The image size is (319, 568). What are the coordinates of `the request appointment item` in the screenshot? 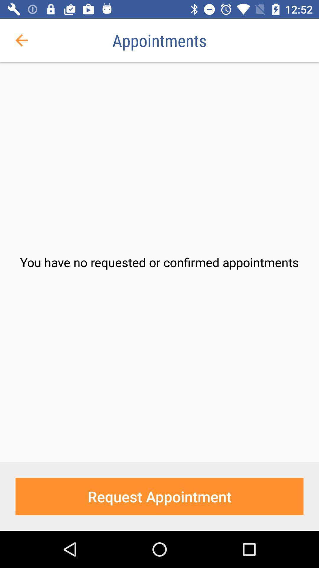 It's located at (159, 496).